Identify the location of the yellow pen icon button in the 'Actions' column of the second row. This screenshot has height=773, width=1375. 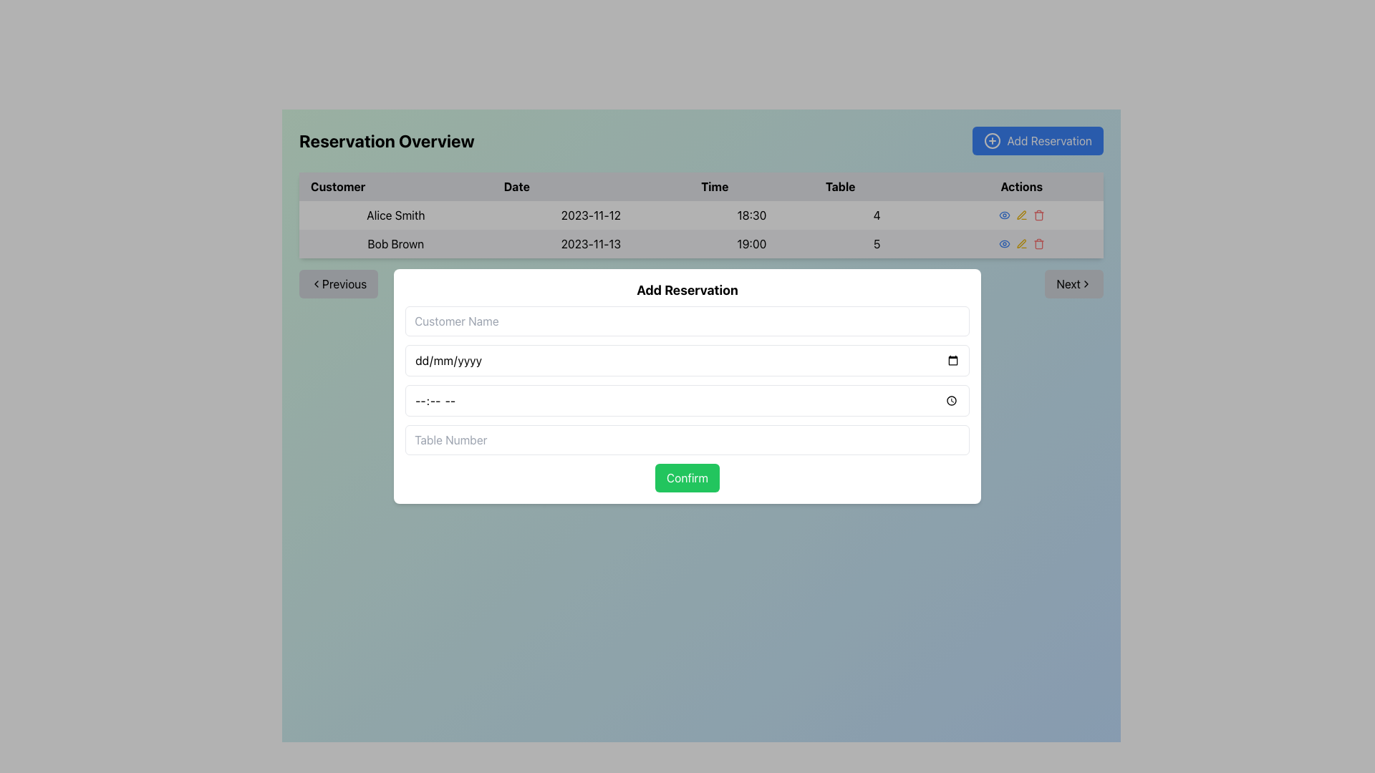
(1021, 243).